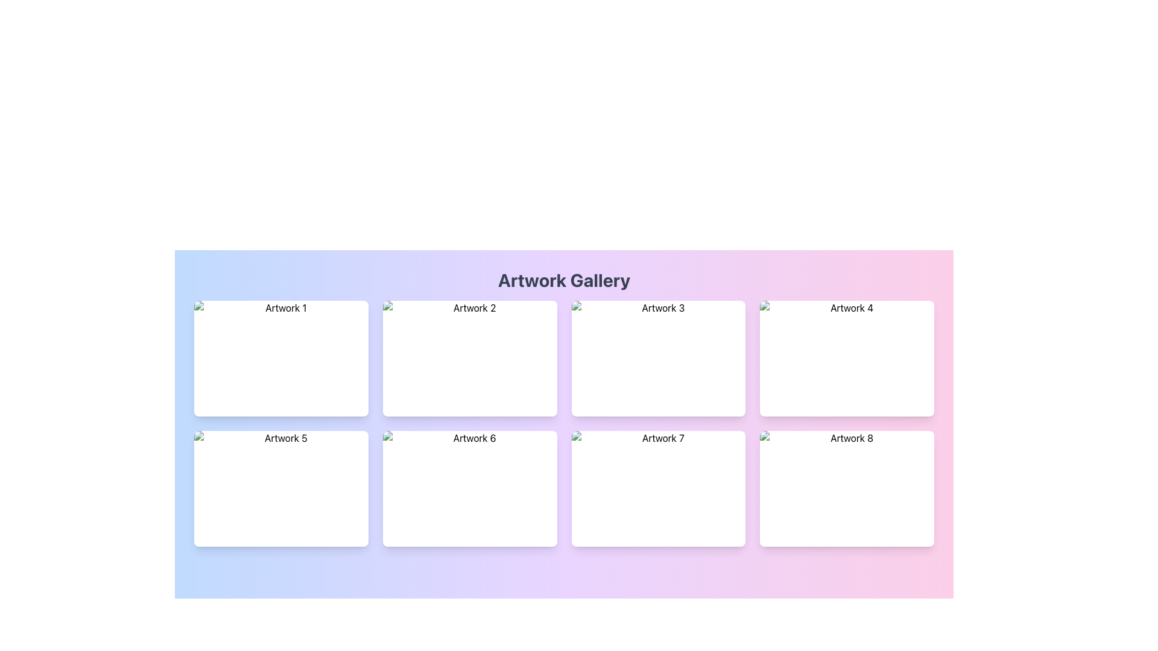 This screenshot has height=651, width=1158. What do you see at coordinates (280, 357) in the screenshot?
I see `the Card component labeled 'Artwork 1', which is the first card in the grid layout` at bounding box center [280, 357].